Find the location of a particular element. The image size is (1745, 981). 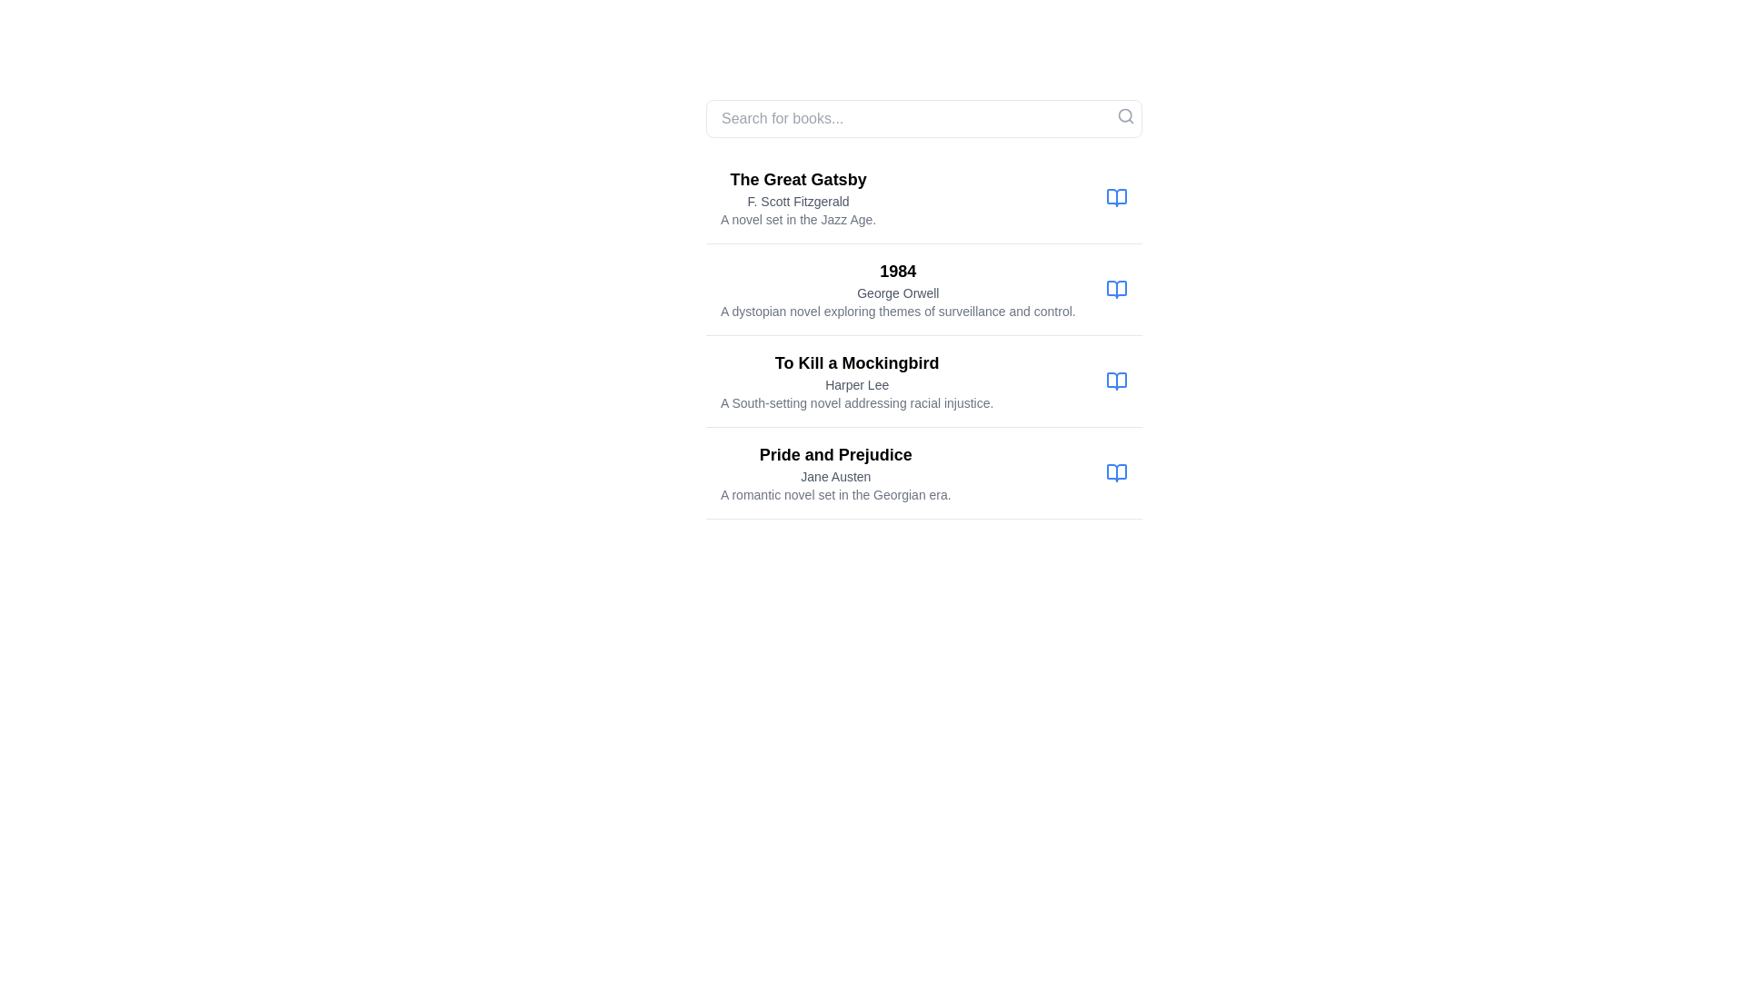

the small magnifying glass icon located at the top-right corner of the search bar is located at coordinates (1124, 115).